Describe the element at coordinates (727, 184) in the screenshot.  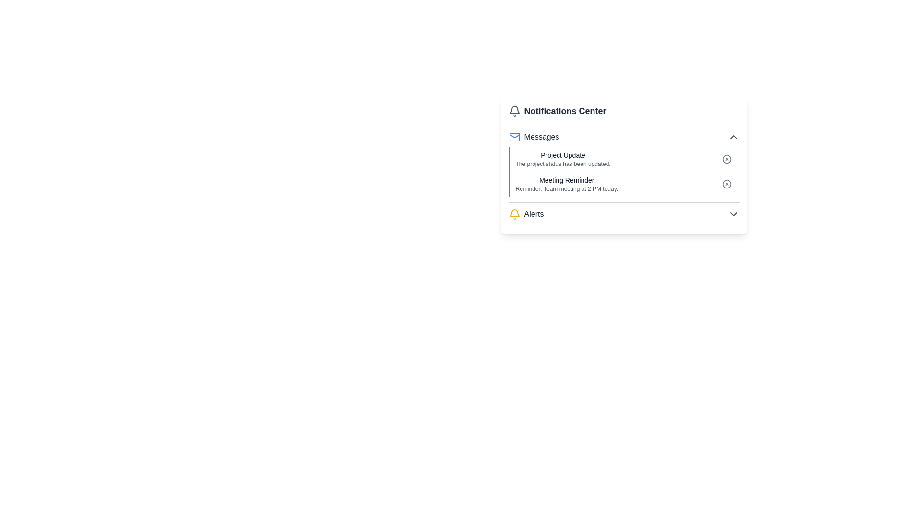
I see `the close button located at the far right of the 'Meeting Reminder' notification in the 'Messages' section of the 'Notifications Center'` at that location.